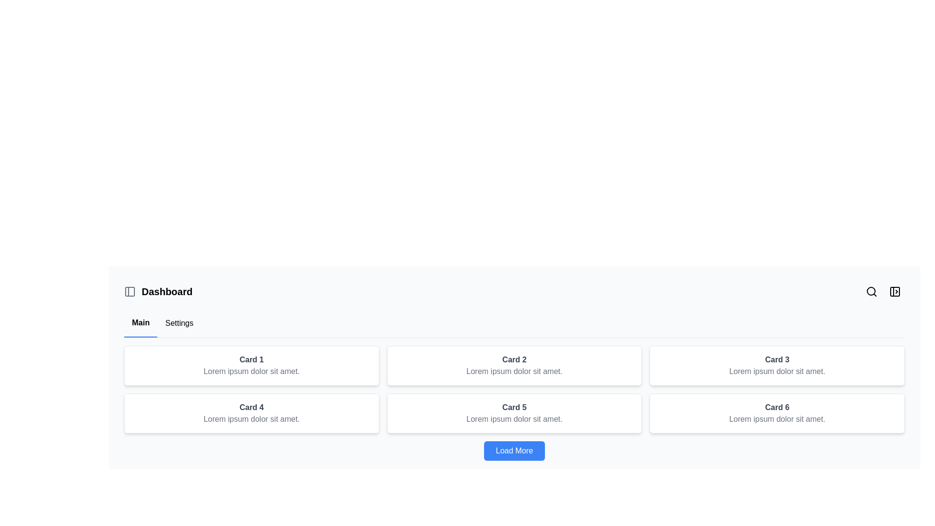  Describe the element at coordinates (251, 366) in the screenshot. I see `the first Grid item card located at the top-left corner of the grid layout, which is positioned to the left of 'Card 2' and above 'Card 4'` at that location.